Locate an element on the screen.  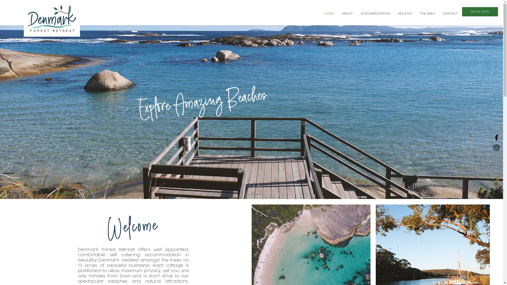
'SEE & DO' is located at coordinates (405, 13).